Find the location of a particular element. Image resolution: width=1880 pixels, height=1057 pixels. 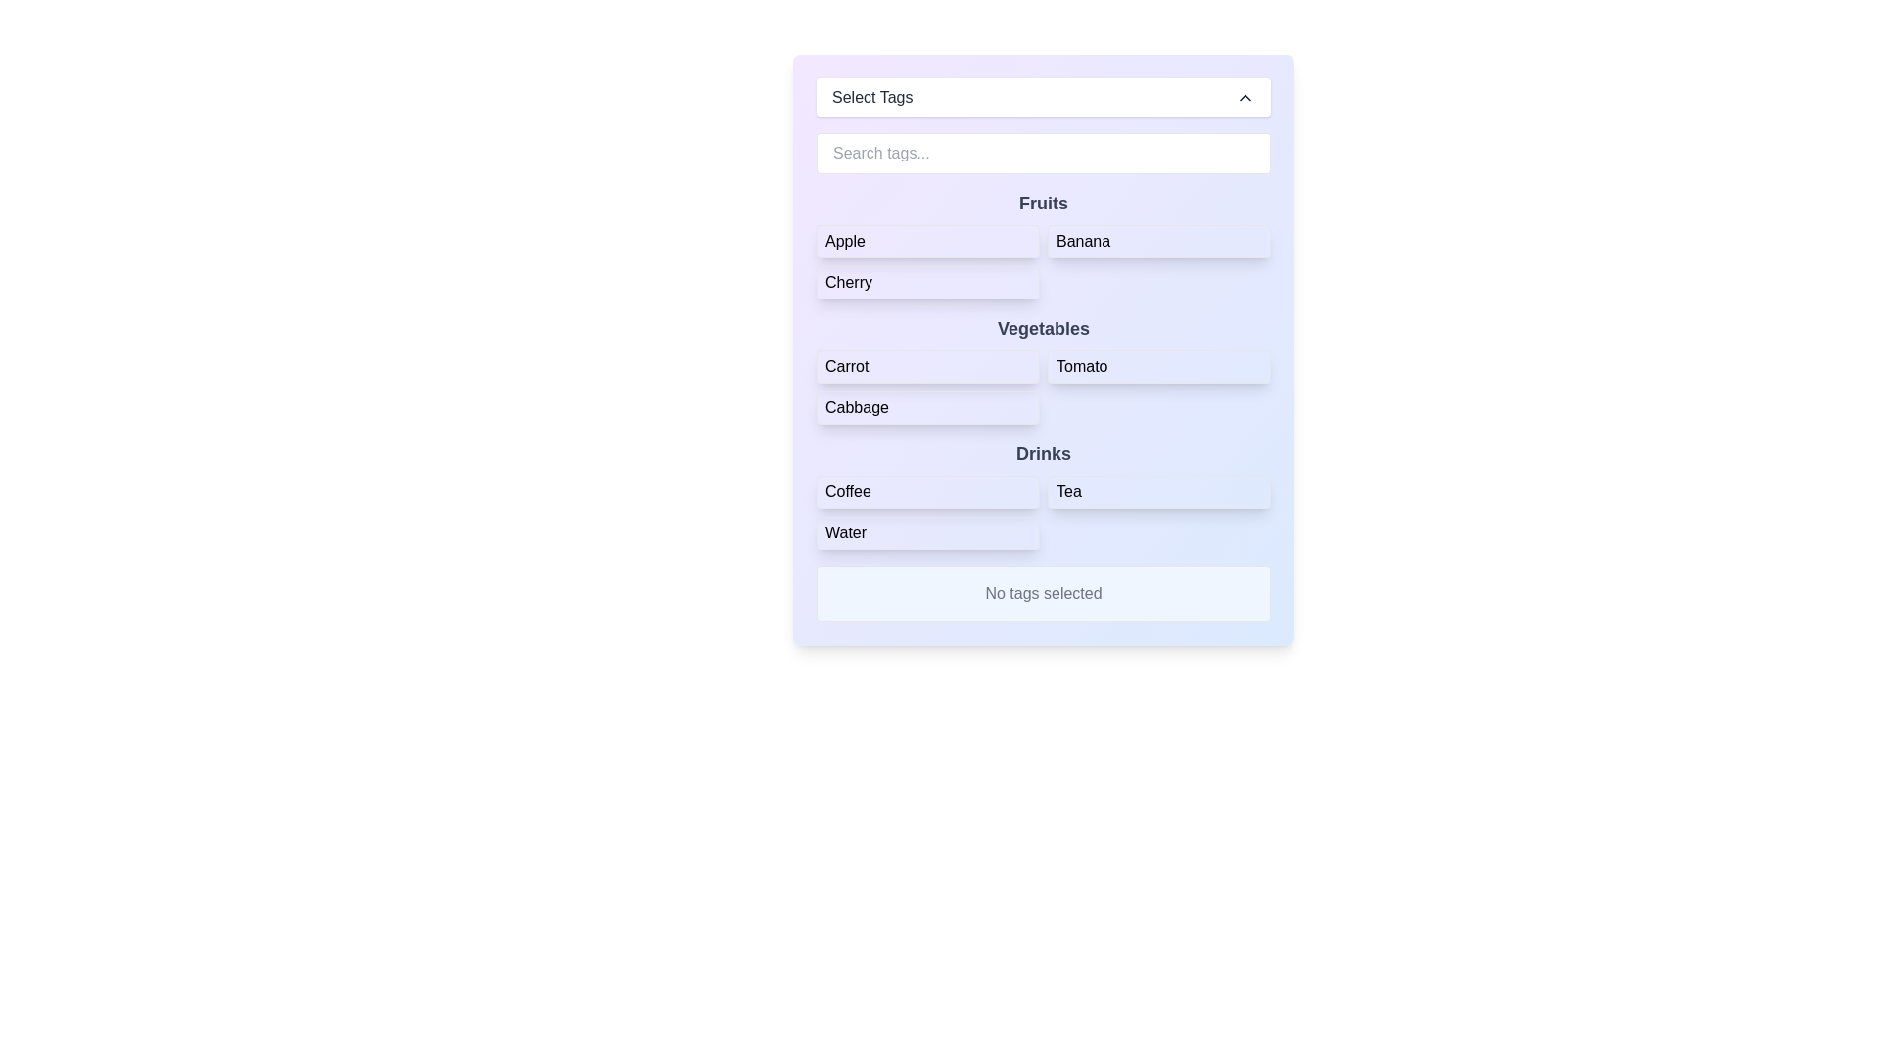

the chevron icon is located at coordinates (1245, 98).